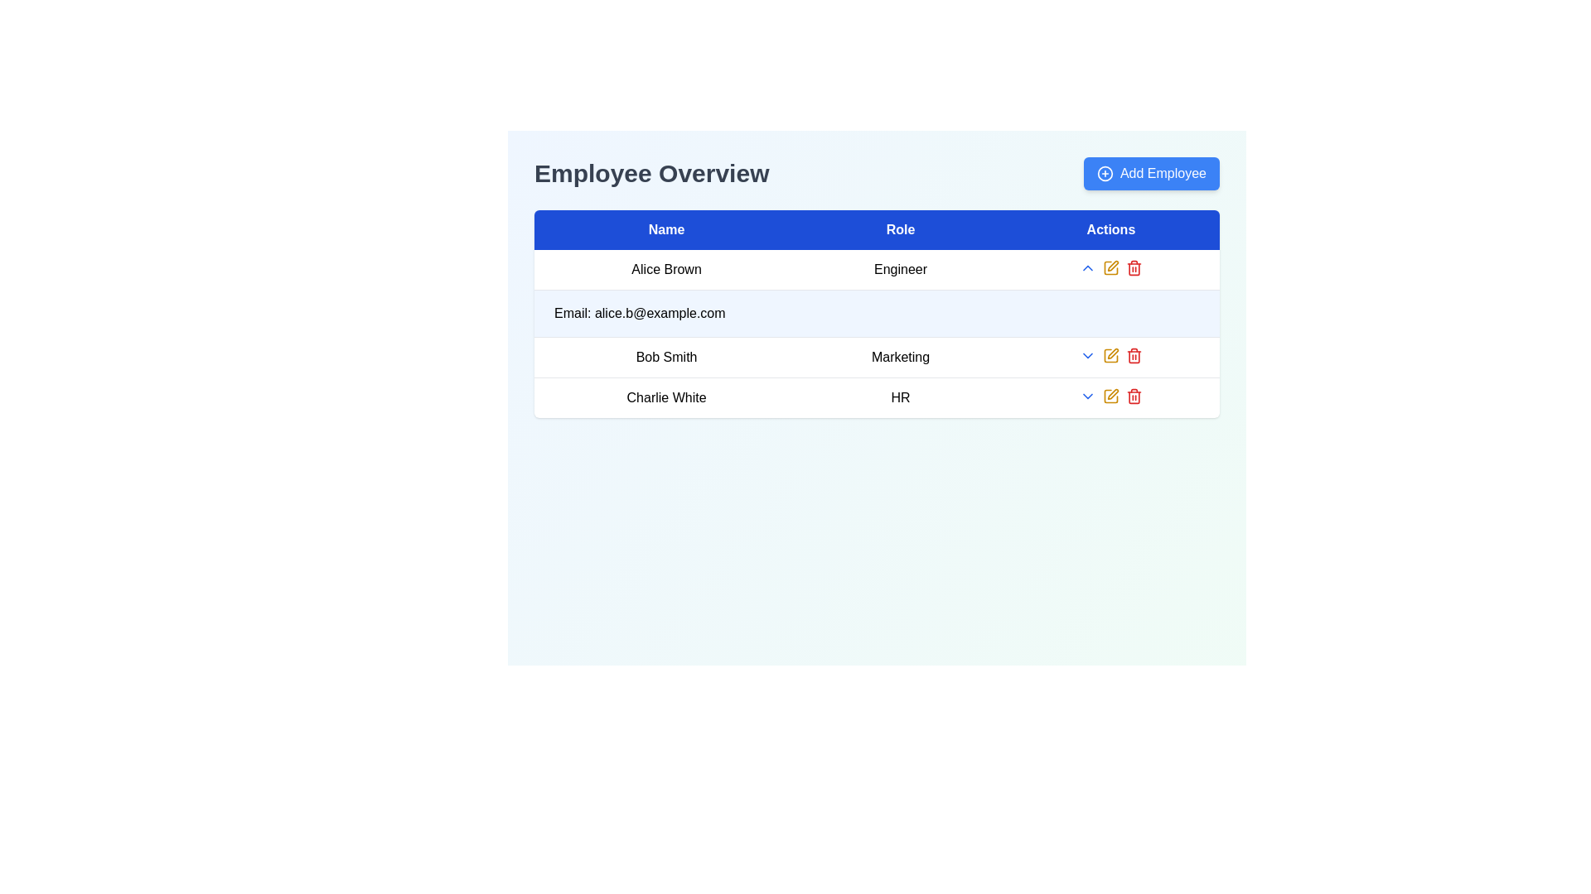  What do you see at coordinates (1110, 354) in the screenshot?
I see `the action icons in the menu located in the 'Actions' column of the 'Employee Overview' table for 'Bob Smith' in the 'Marketing' department` at bounding box center [1110, 354].